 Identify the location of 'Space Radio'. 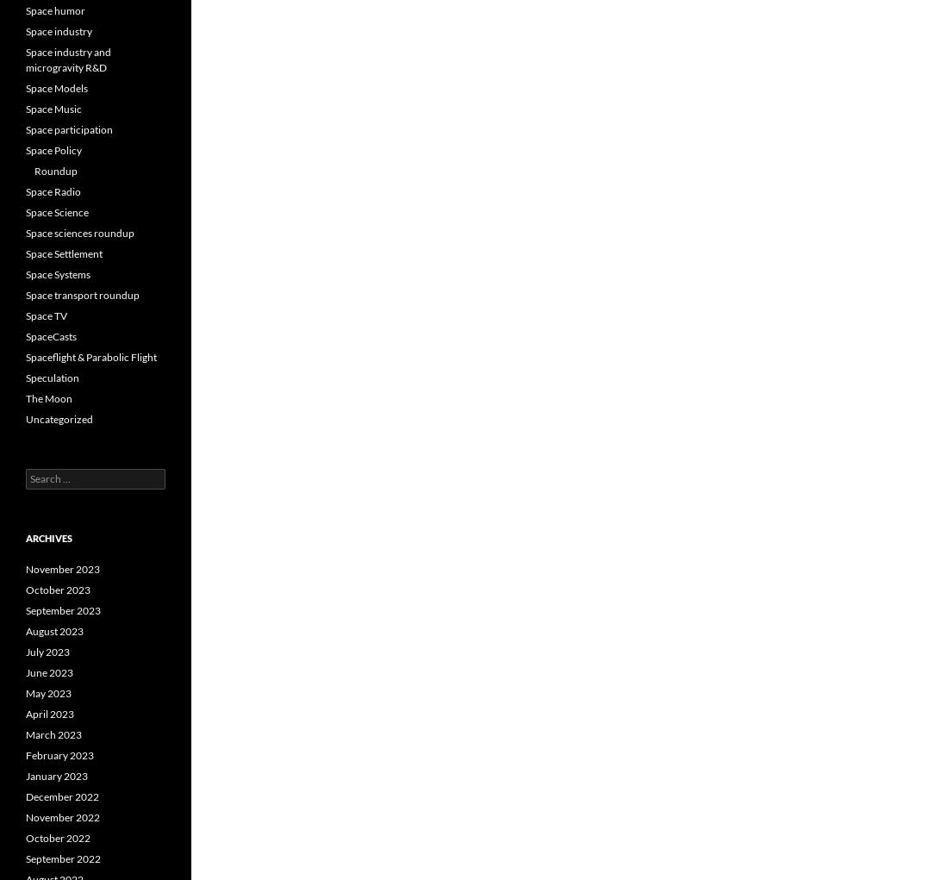
(53, 191).